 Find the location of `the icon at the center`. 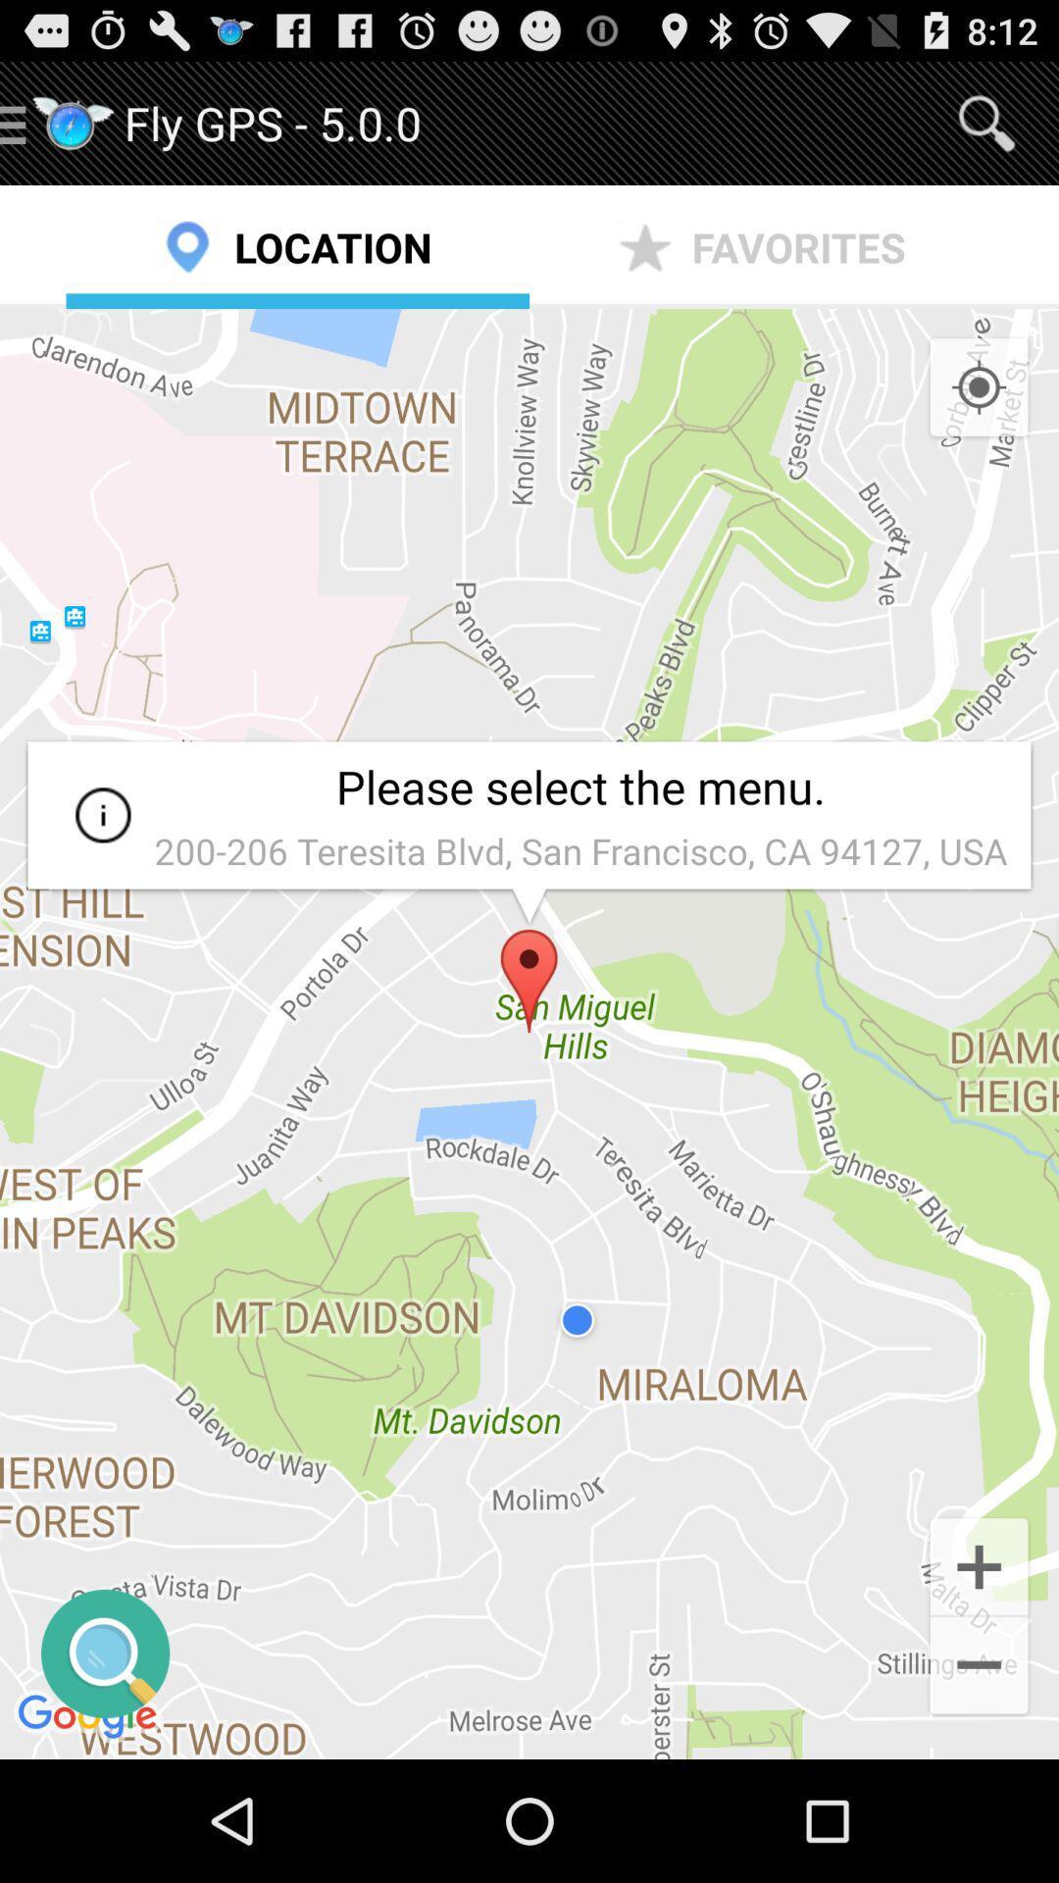

the icon at the center is located at coordinates (529, 1033).